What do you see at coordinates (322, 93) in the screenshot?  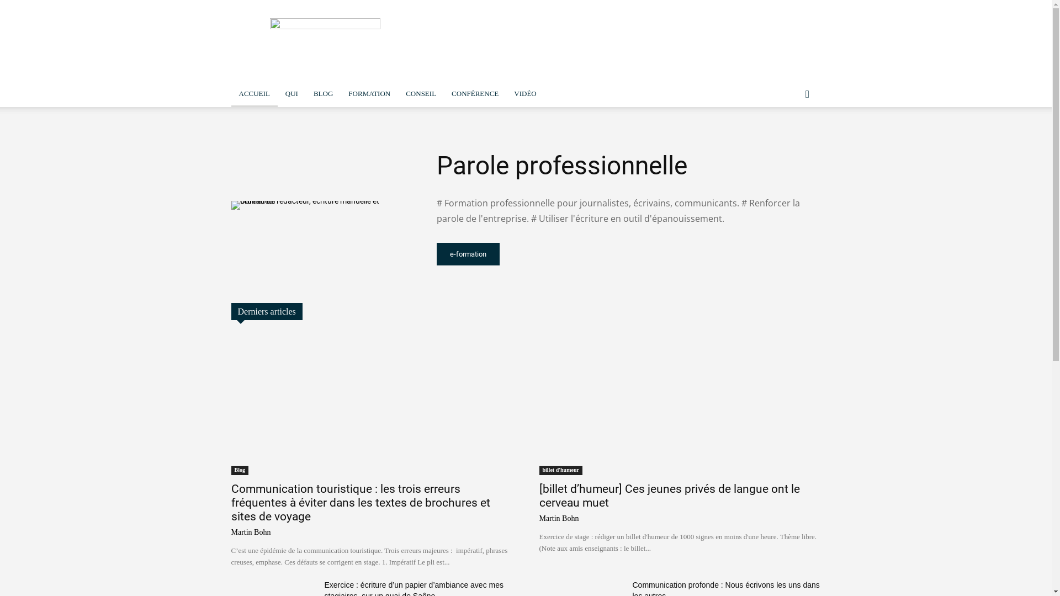 I see `'BLOG'` at bounding box center [322, 93].